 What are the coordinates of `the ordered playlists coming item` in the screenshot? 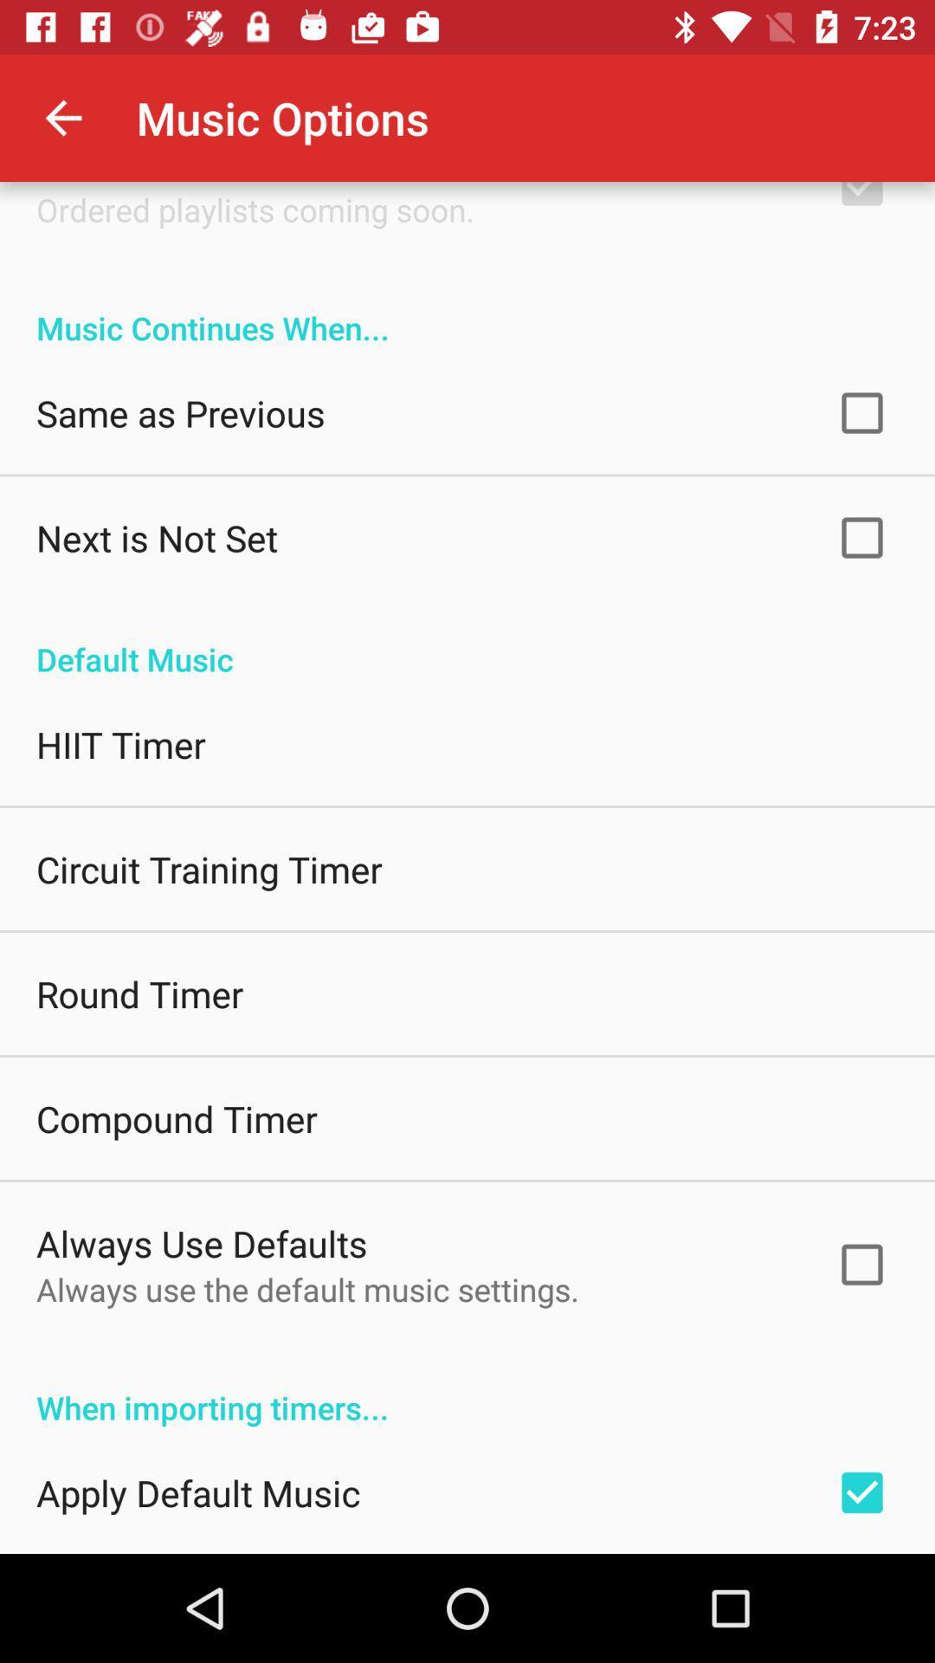 It's located at (255, 209).